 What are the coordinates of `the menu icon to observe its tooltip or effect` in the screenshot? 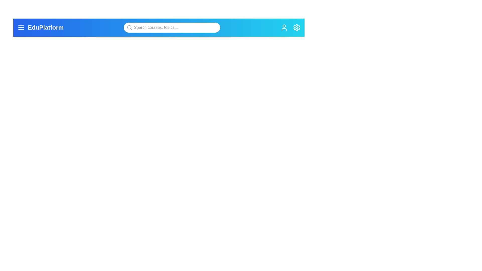 It's located at (21, 28).